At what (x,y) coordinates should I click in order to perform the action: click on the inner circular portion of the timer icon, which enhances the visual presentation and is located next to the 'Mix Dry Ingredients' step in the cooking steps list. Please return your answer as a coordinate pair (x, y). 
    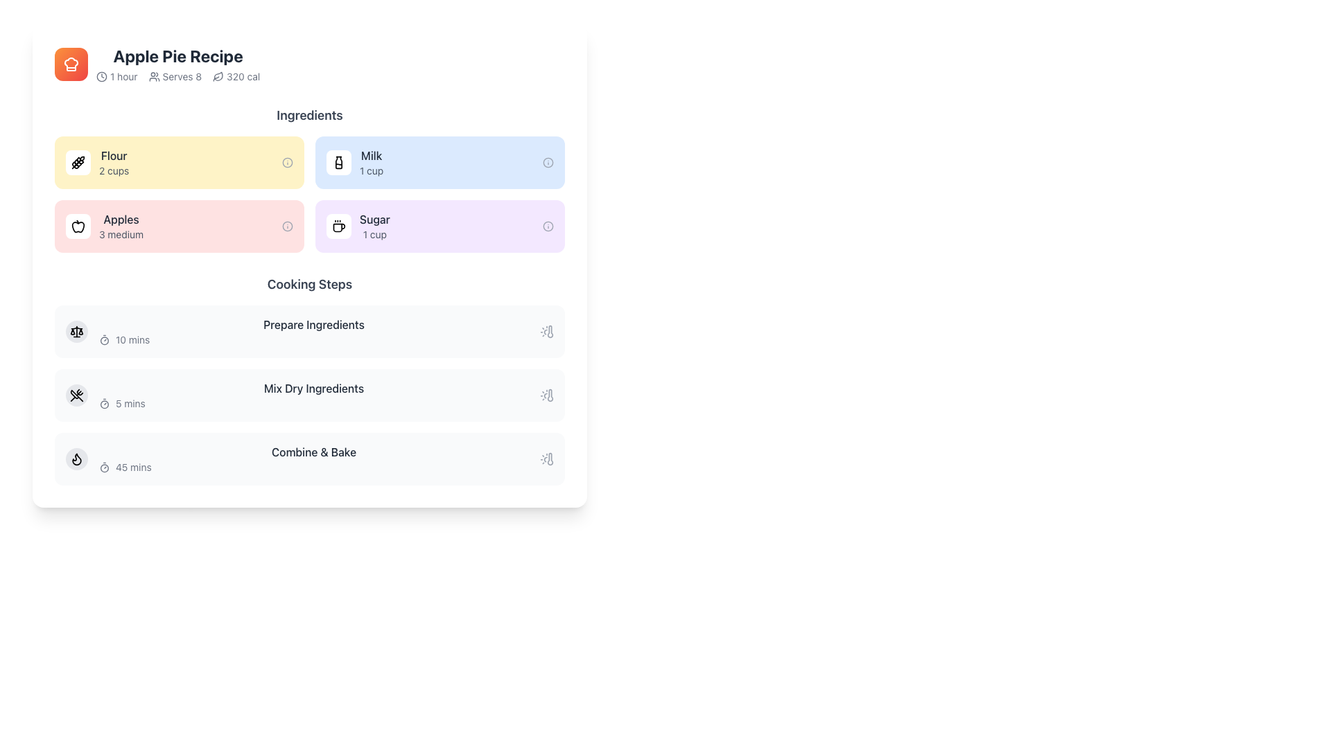
    Looking at the image, I should click on (103, 404).